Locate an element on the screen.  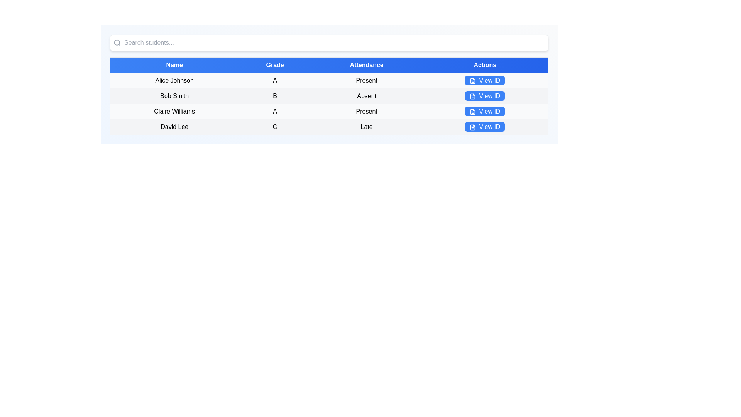
the 'Attendance' header label in the table, which is the third item in a horizontal list of headers, positioned between 'Grade' and 'Actions' is located at coordinates (366, 64).